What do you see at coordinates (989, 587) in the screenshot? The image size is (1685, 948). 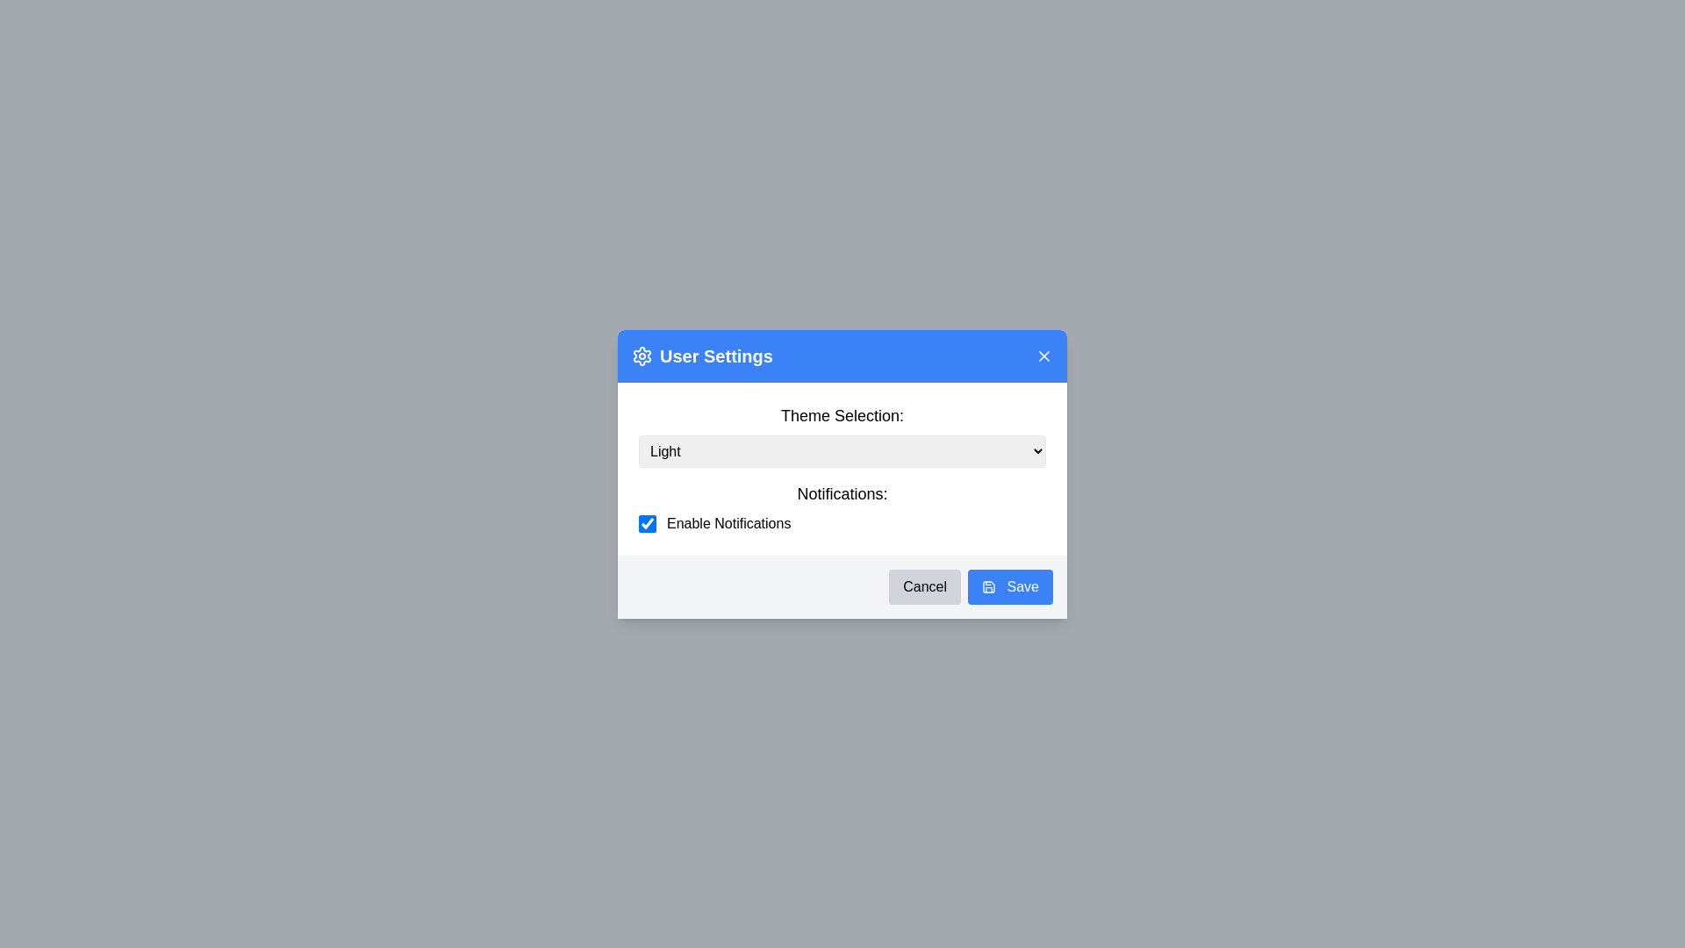 I see `the Decorative icon located to the left of the 'Save' button text in the 'User Settings' dialog window to enhance recognition of the button's purpose` at bounding box center [989, 587].